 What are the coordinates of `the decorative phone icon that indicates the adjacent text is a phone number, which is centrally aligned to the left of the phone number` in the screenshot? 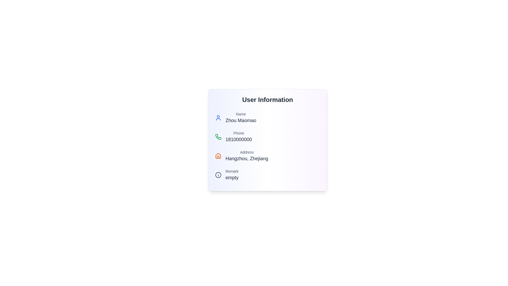 It's located at (218, 136).